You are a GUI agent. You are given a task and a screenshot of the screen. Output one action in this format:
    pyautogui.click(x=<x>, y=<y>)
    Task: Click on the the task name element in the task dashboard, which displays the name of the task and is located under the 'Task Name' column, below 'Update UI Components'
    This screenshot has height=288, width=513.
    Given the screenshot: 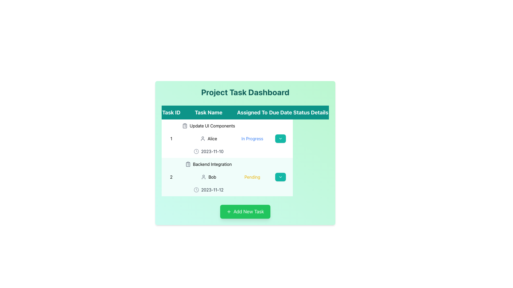 What is the action you would take?
    pyautogui.click(x=208, y=164)
    